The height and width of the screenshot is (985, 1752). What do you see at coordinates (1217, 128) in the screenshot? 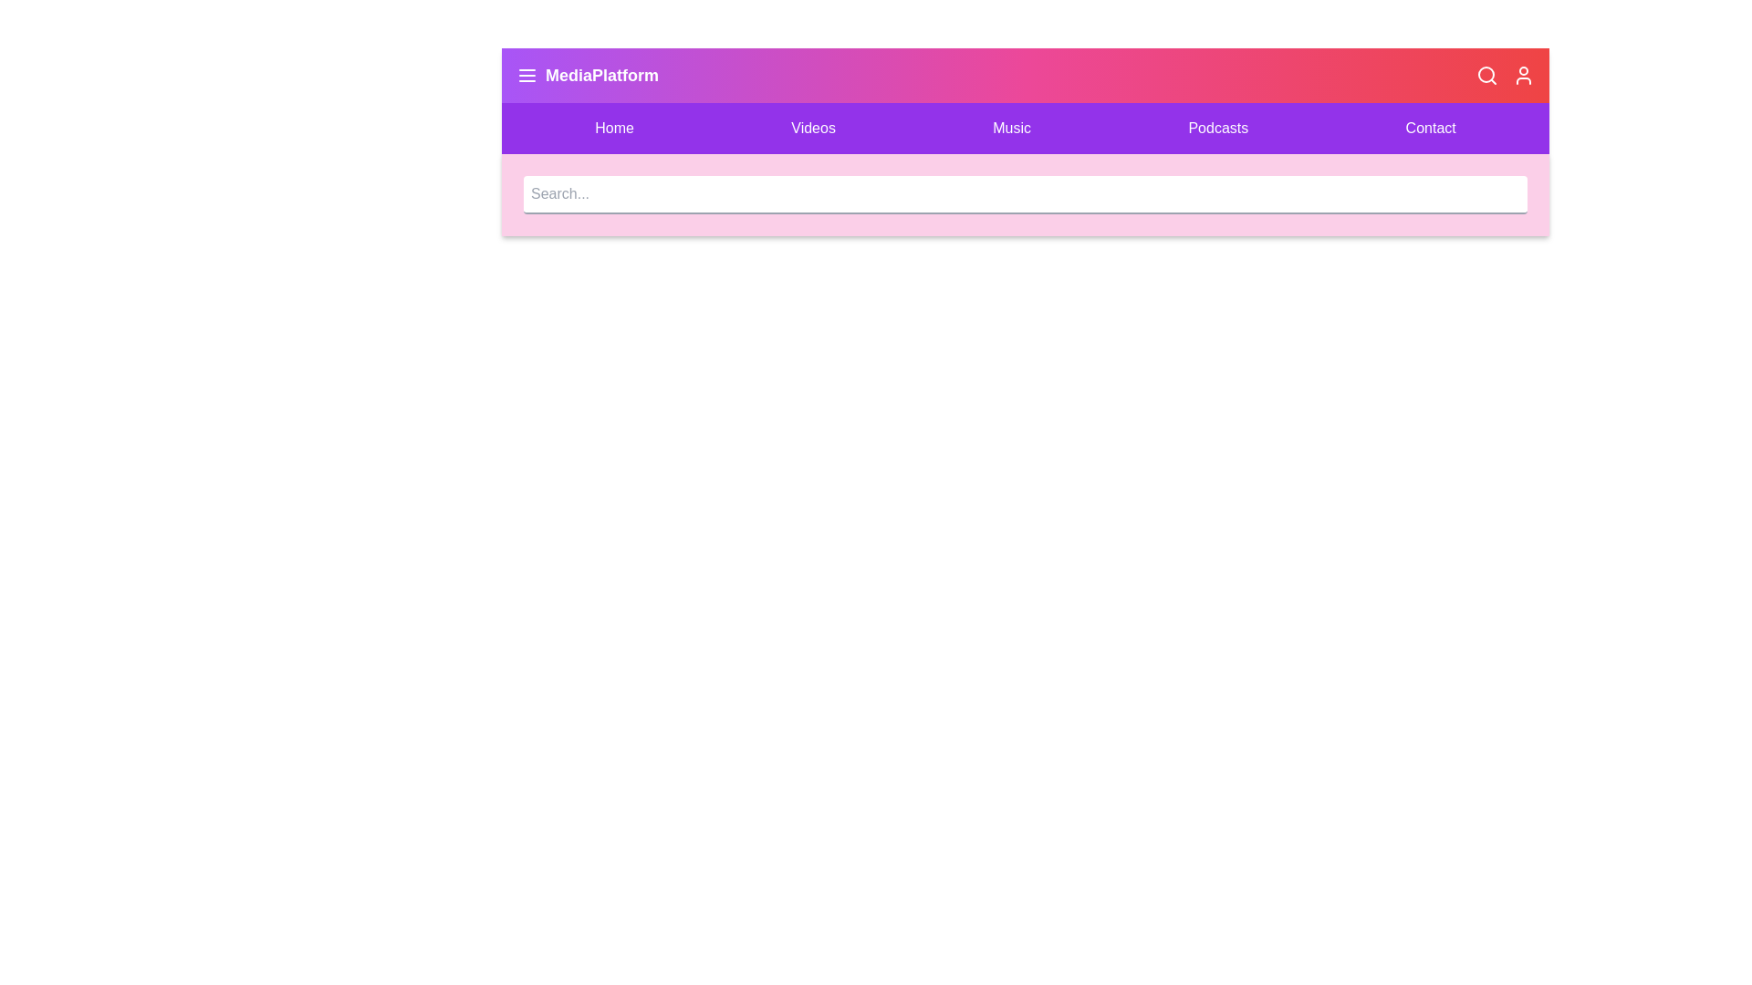
I see `the Podcasts menu item to navigate to the corresponding section` at bounding box center [1217, 128].